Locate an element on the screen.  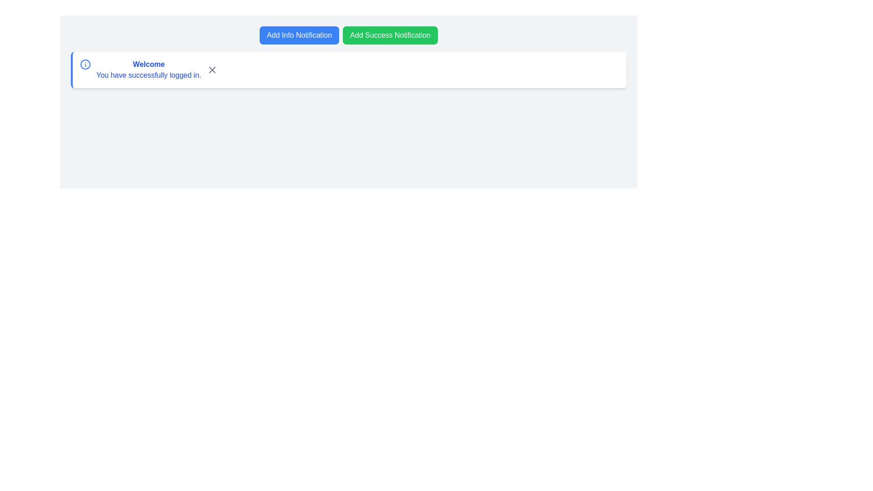
the informational indicator icon located at the far left of the horizontal bar beside the 'Welcome' text to highlight it is located at coordinates (85, 64).